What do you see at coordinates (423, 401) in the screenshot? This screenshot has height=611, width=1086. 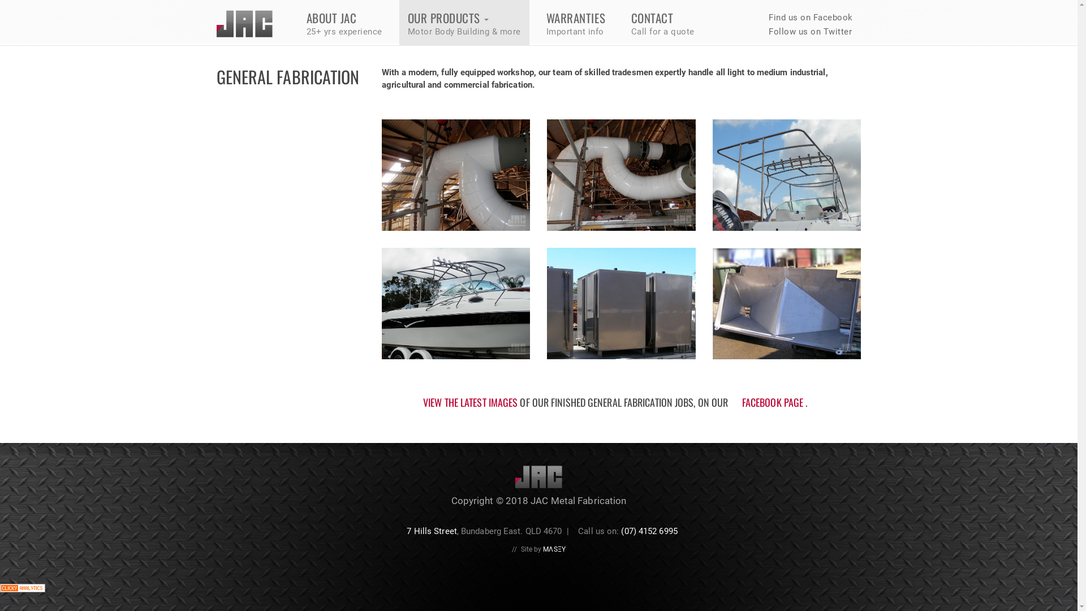 I see `'VIEW THE LATEST IMAGES'` at bounding box center [423, 401].